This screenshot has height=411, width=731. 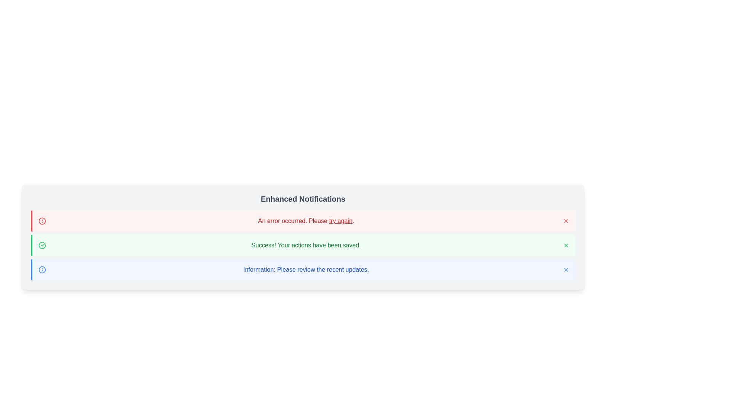 What do you see at coordinates (41, 221) in the screenshot?
I see `the red alert icon with a bold border and alert symbol, which is located to the left of the message 'An error occurred. Please try again.'` at bounding box center [41, 221].